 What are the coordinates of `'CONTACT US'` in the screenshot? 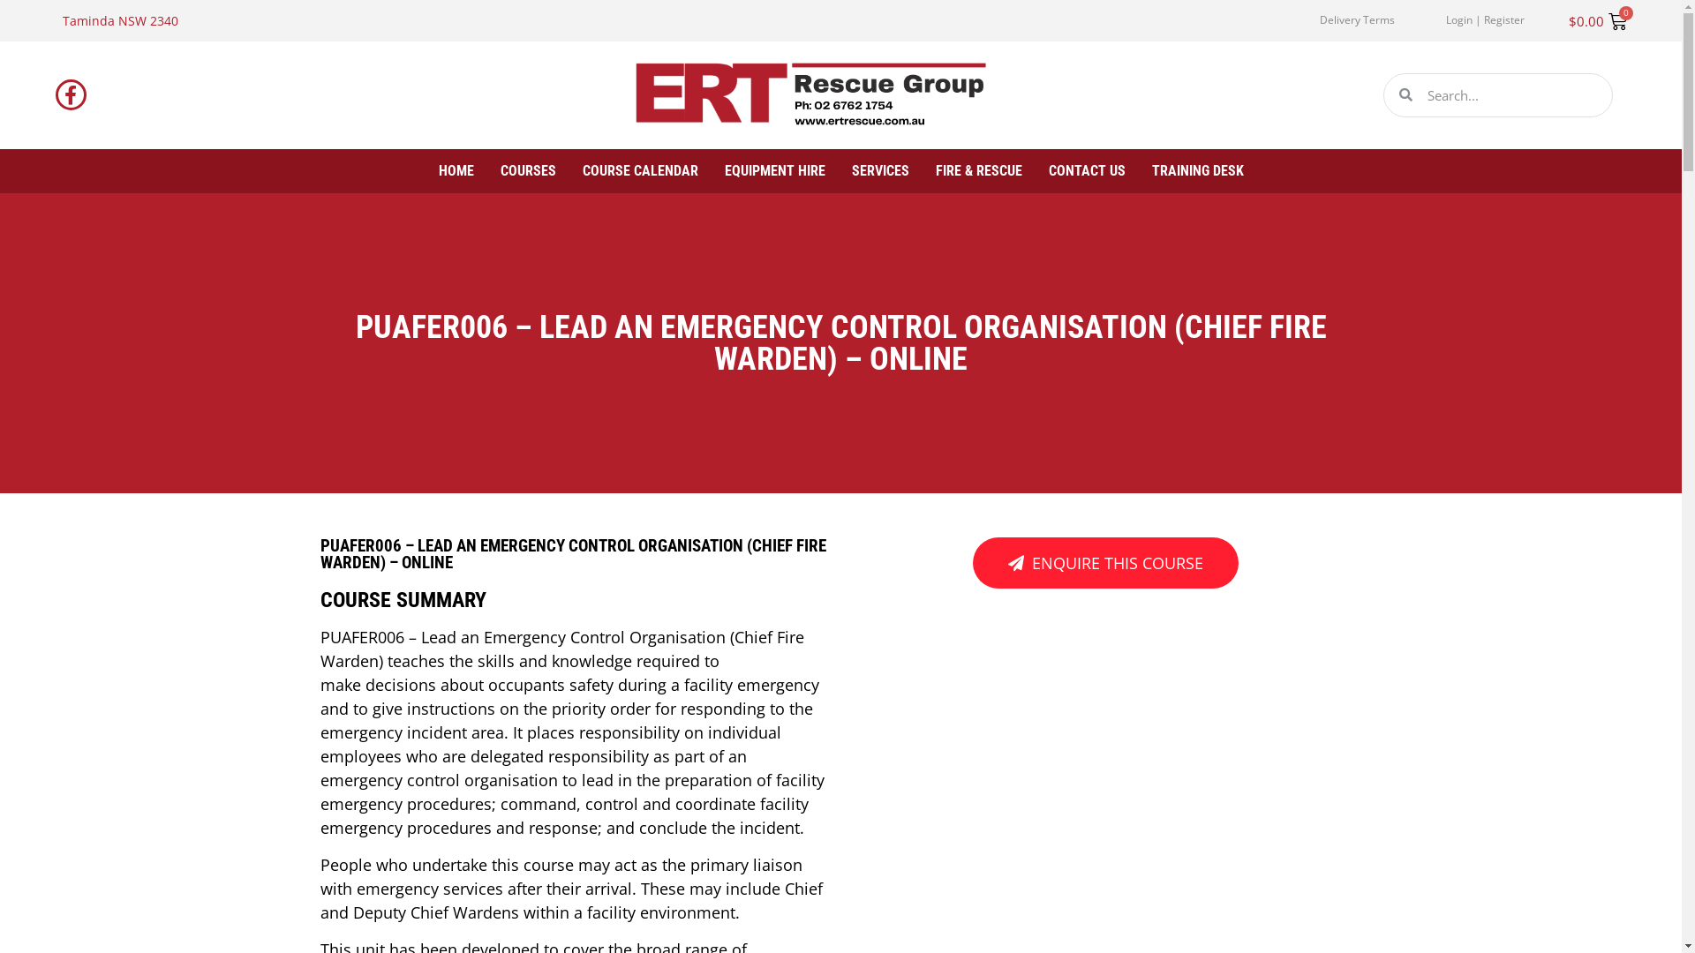 It's located at (1086, 170).